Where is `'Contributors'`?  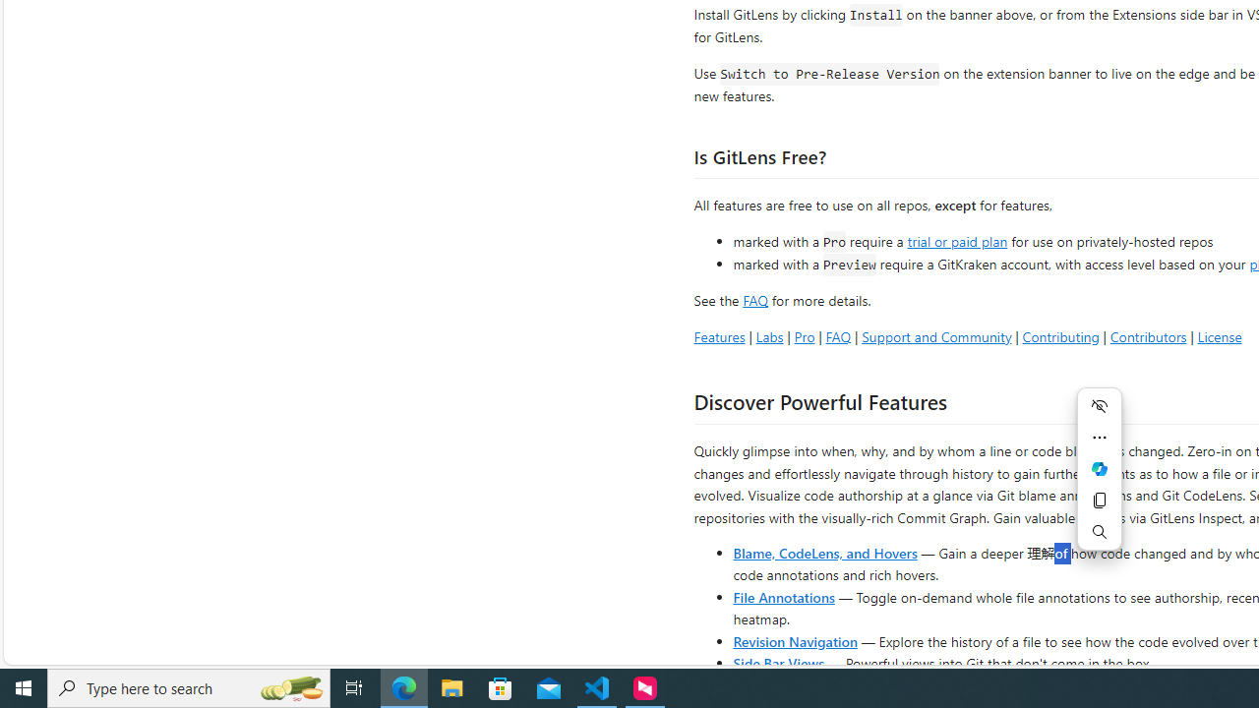
'Contributors' is located at coordinates (1148, 335).